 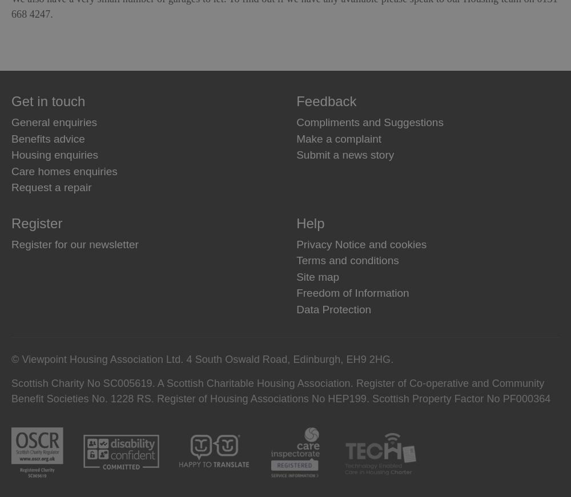 I want to click on 'Feedback', so click(x=325, y=101).